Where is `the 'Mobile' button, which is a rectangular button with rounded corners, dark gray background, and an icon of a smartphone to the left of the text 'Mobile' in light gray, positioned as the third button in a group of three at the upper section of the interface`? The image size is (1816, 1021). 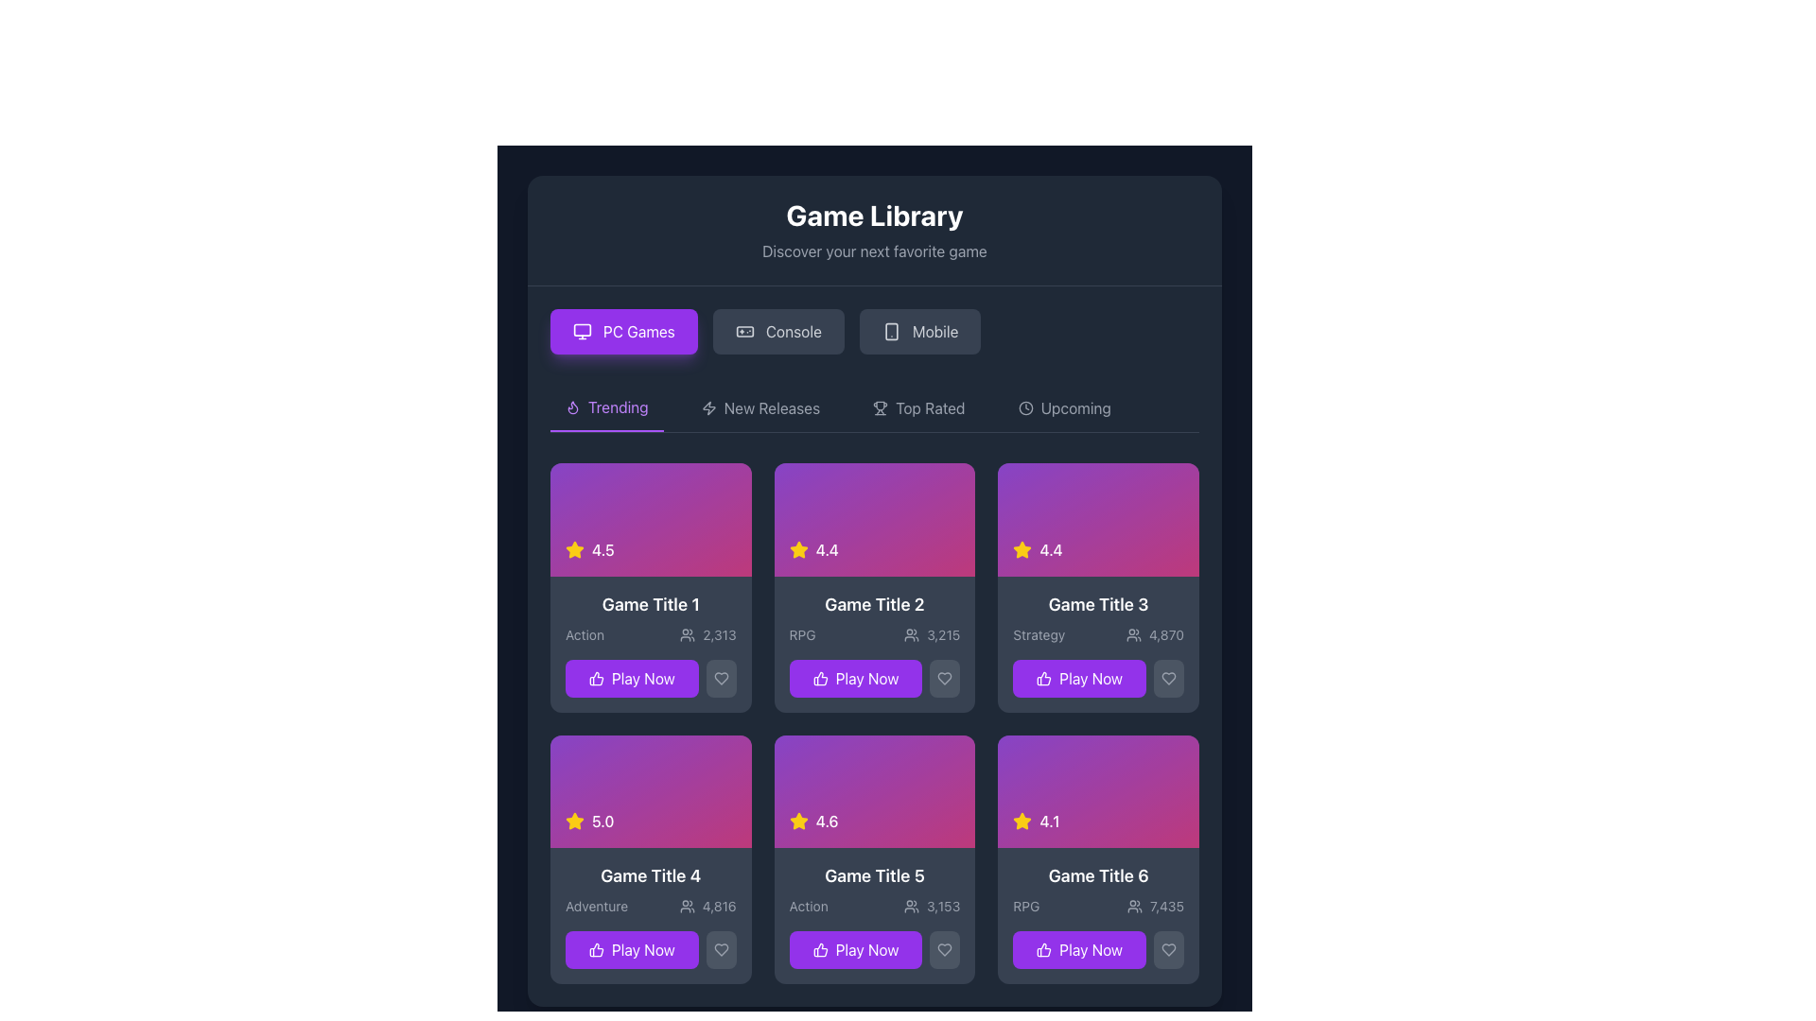
the 'Mobile' button, which is a rectangular button with rounded corners, dark gray background, and an icon of a smartphone to the left of the text 'Mobile' in light gray, positioned as the third button in a group of three at the upper section of the interface is located at coordinates (920, 331).